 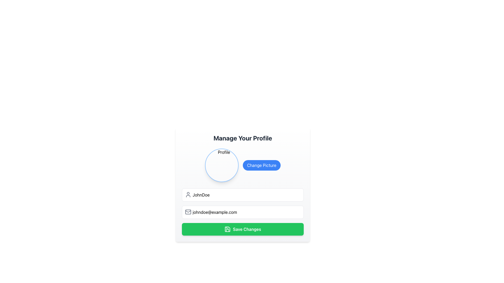 What do you see at coordinates (188, 195) in the screenshot?
I see `the user profile icon, which is a circular head and shoulders icon with a gray outline, positioned to the left of the text input field labeled 'JohnDoe'` at bounding box center [188, 195].